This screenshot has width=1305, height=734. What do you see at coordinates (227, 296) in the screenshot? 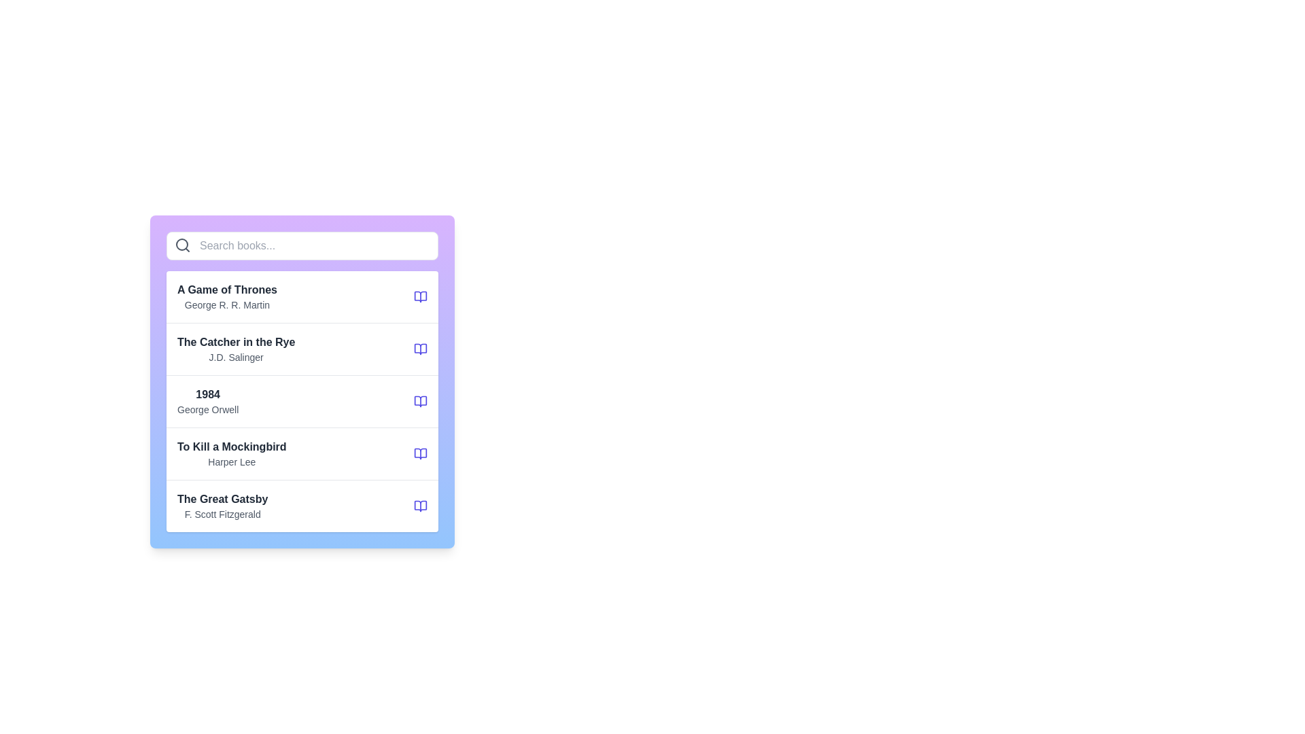
I see `the text display for the title and author of the book, which is the first item` at bounding box center [227, 296].